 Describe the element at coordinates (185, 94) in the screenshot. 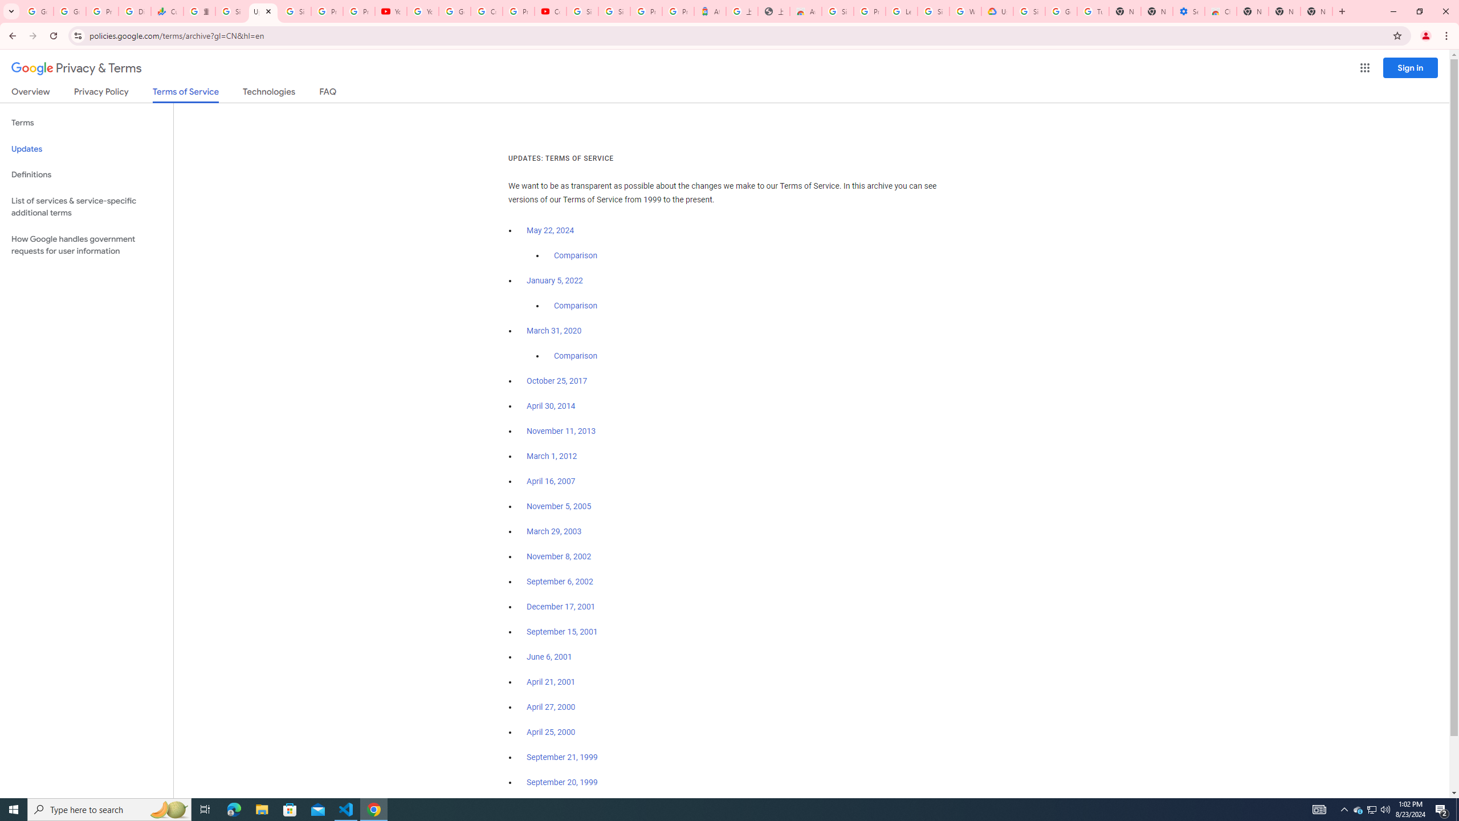

I see `'Terms of Service'` at that location.